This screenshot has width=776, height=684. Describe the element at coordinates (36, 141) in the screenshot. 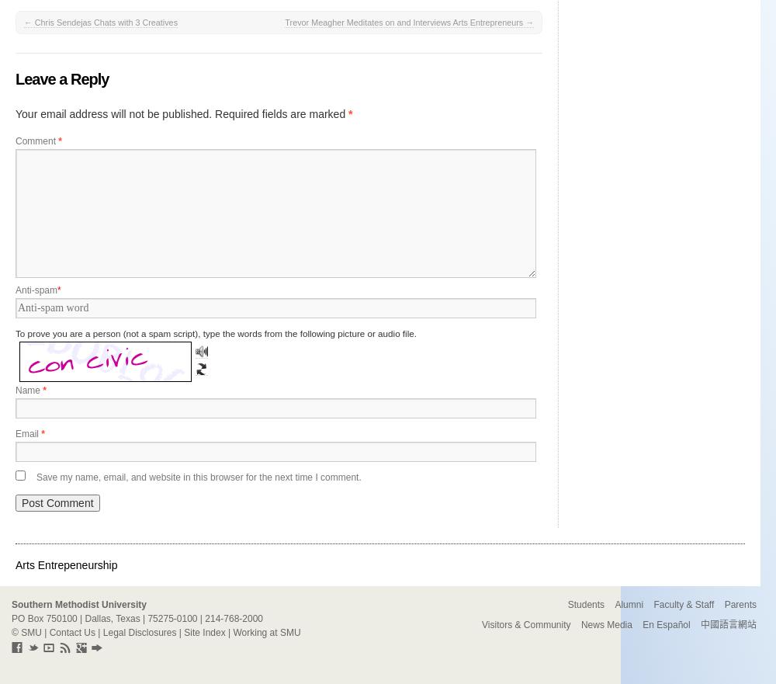

I see `'Comment'` at that location.